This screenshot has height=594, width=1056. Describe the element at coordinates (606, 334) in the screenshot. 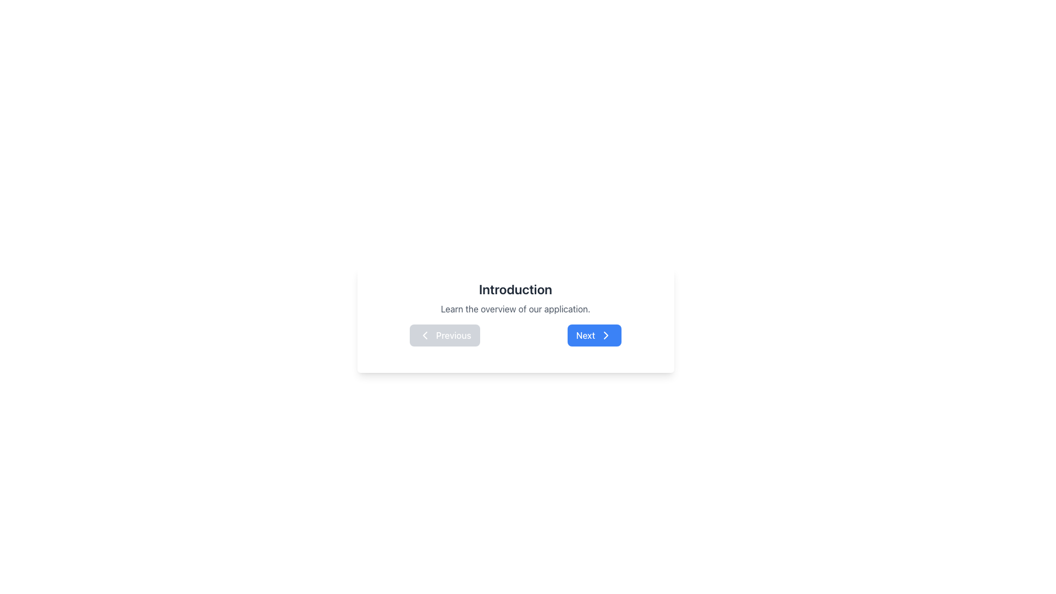

I see `the visual indicator icon located inside the 'Next' button to proceed to the next step` at that location.